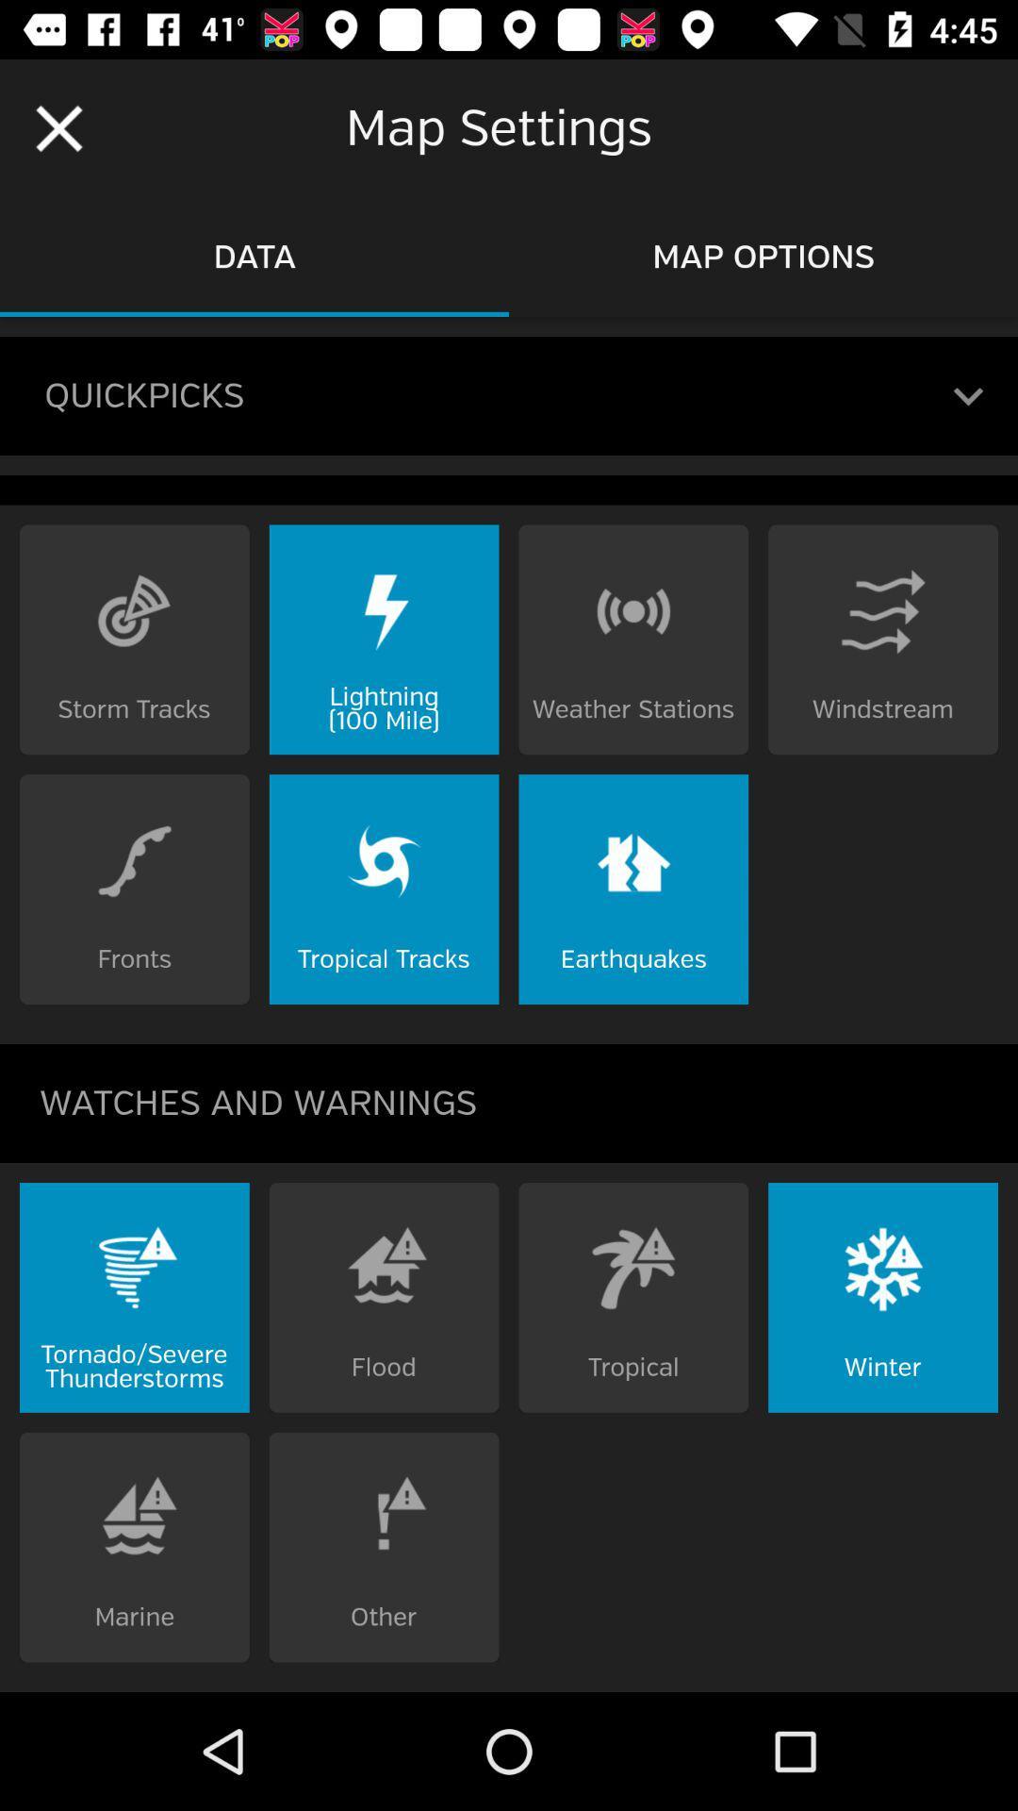  I want to click on open a tab with your most recent map settings, so click(968, 395).